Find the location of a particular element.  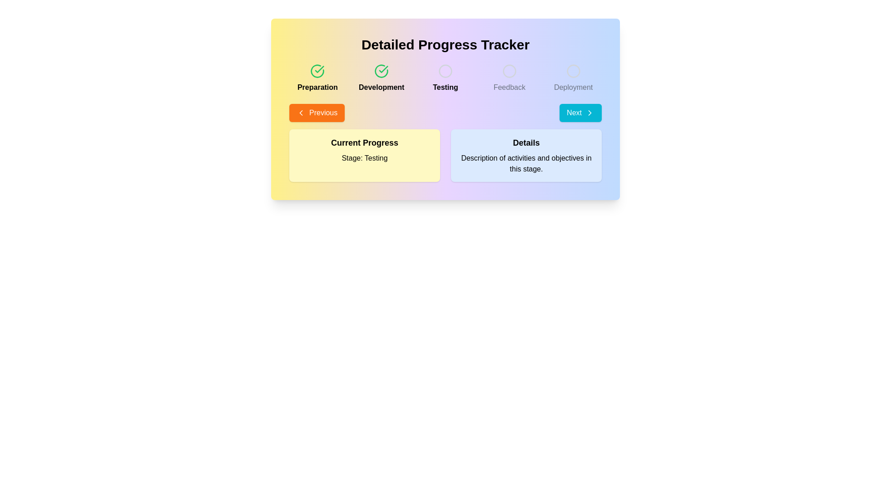

the chevron icon representing a forward navigation action within the 'Next' button, located to the right of the 'Next' text is located at coordinates (590, 113).